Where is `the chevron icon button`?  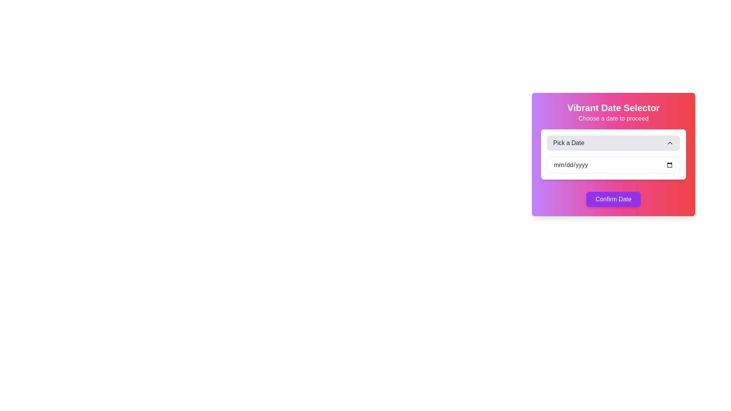
the chevron icon button is located at coordinates (670, 143).